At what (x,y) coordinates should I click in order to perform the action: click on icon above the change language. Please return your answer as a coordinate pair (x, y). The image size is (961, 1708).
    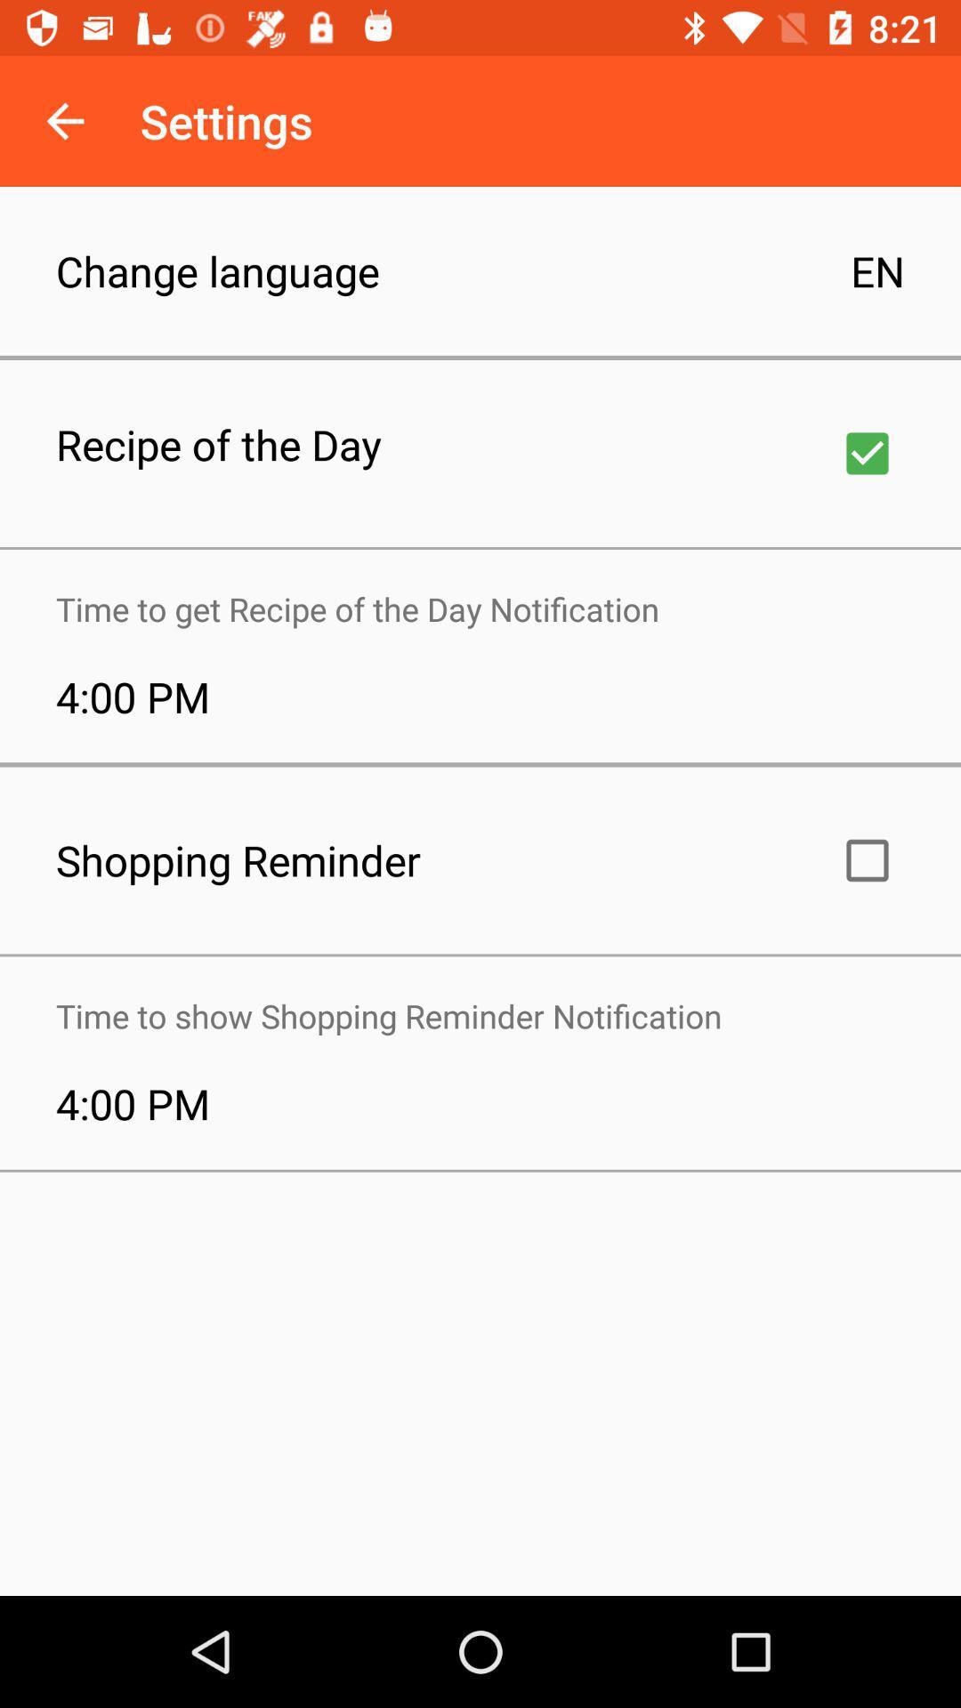
    Looking at the image, I should click on (64, 120).